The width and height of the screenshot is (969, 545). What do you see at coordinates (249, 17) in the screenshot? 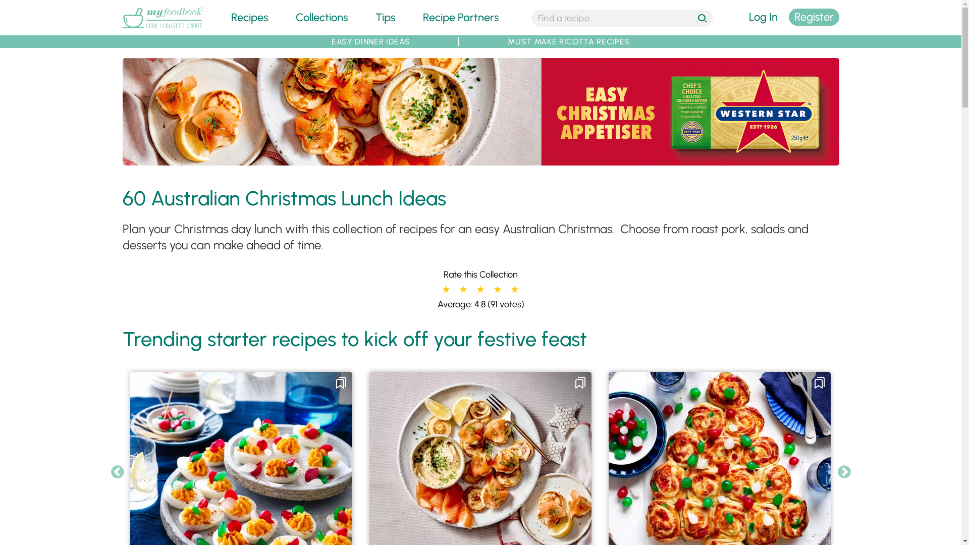
I see `'Recipes'` at bounding box center [249, 17].